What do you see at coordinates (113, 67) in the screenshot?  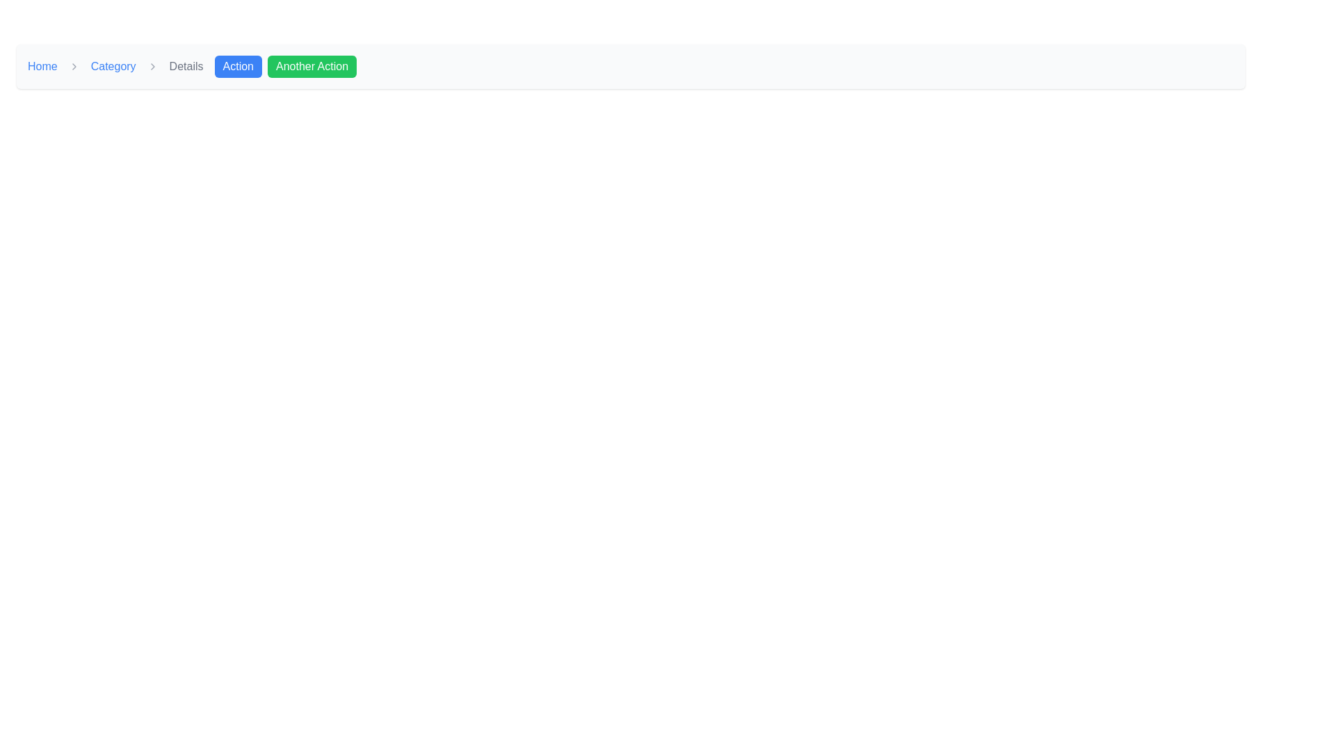 I see `the breadcrumb link that allows navigation to the 'Category' section` at bounding box center [113, 67].